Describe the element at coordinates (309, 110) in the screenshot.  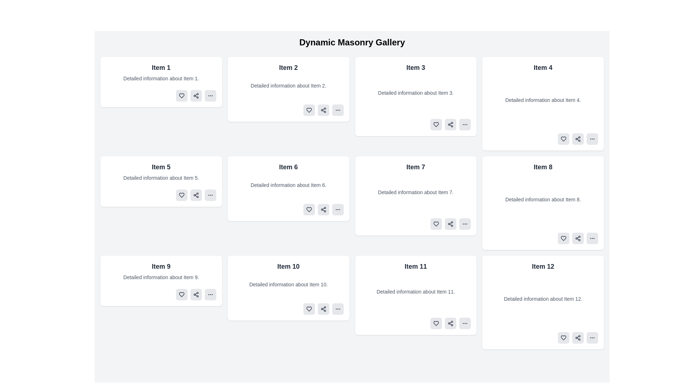
I see `the heart-shaped icon on the bottom row of icons for 'Item 2' in the dynamic masonry gallery to mark the item as favorite` at that location.